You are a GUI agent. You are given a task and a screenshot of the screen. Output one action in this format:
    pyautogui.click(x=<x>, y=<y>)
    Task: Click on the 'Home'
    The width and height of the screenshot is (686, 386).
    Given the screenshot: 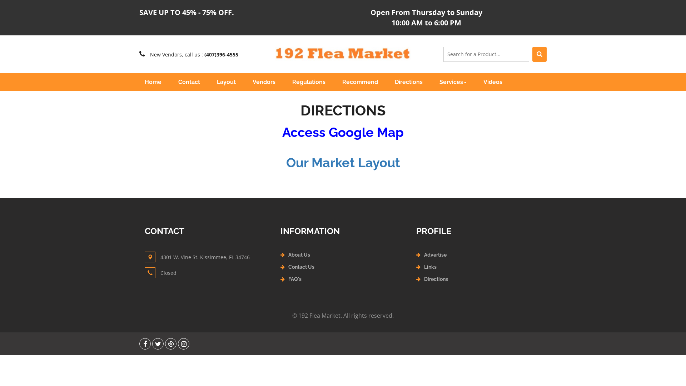 What is the action you would take?
    pyautogui.click(x=153, y=82)
    